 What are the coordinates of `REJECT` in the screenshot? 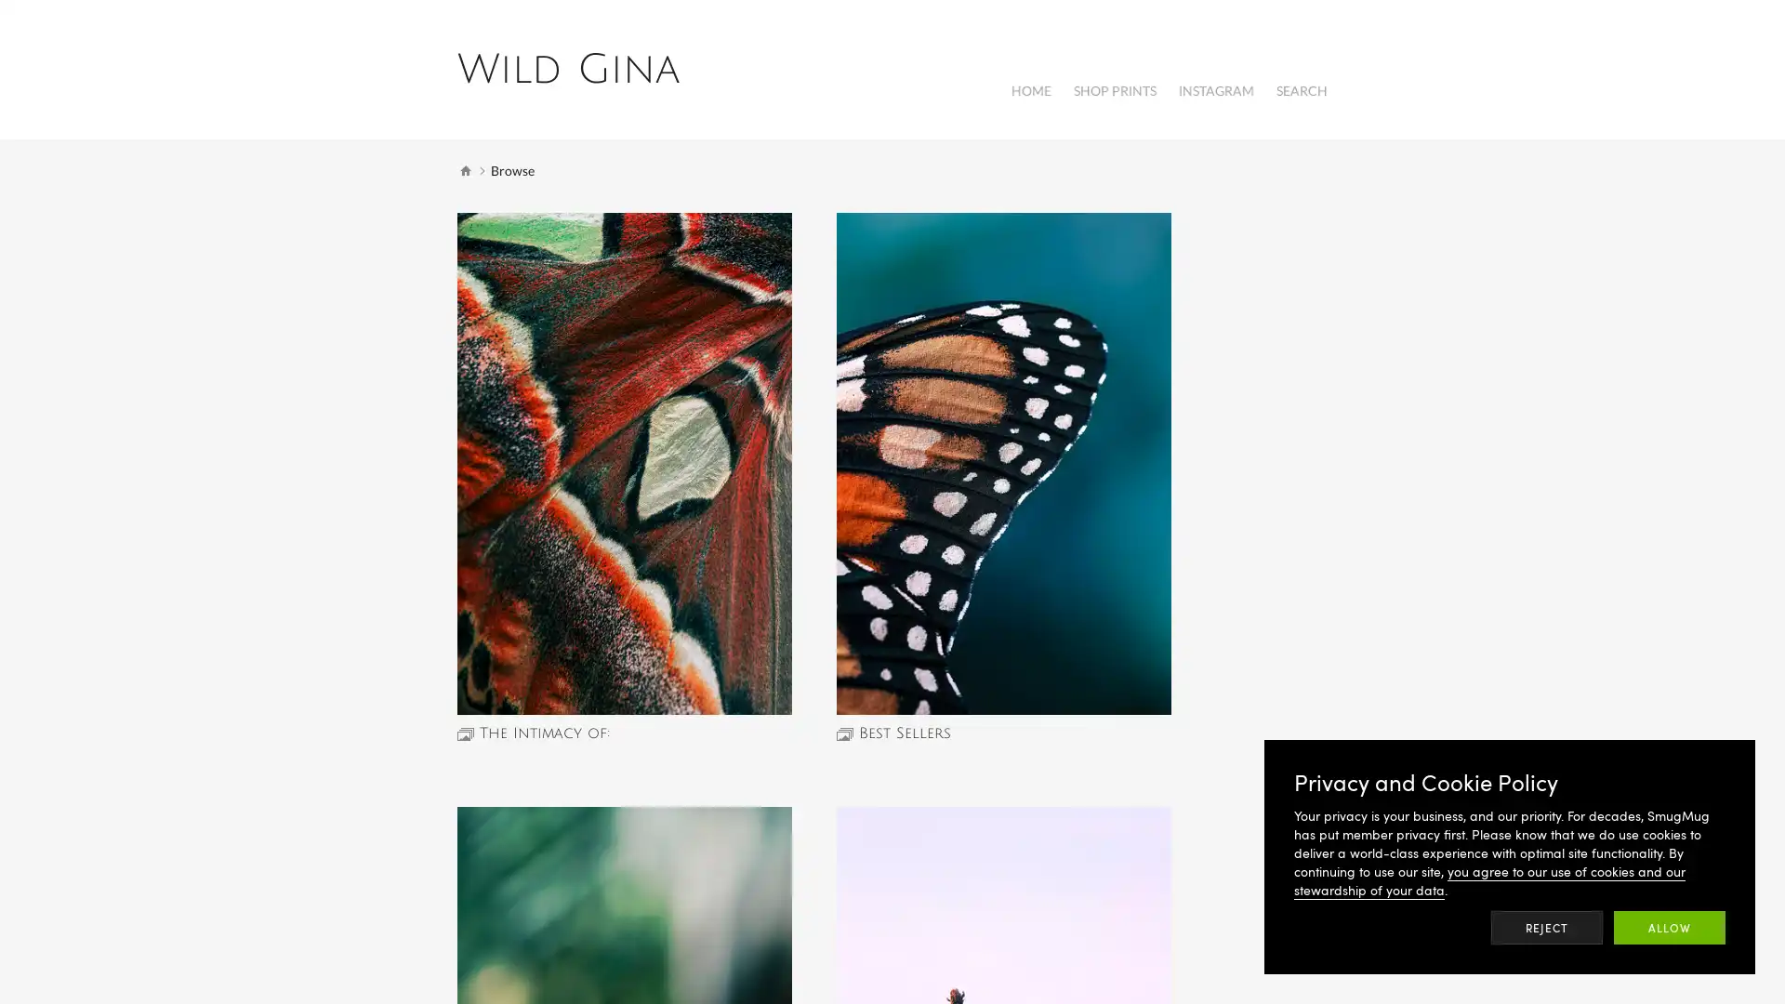 It's located at (1547, 928).